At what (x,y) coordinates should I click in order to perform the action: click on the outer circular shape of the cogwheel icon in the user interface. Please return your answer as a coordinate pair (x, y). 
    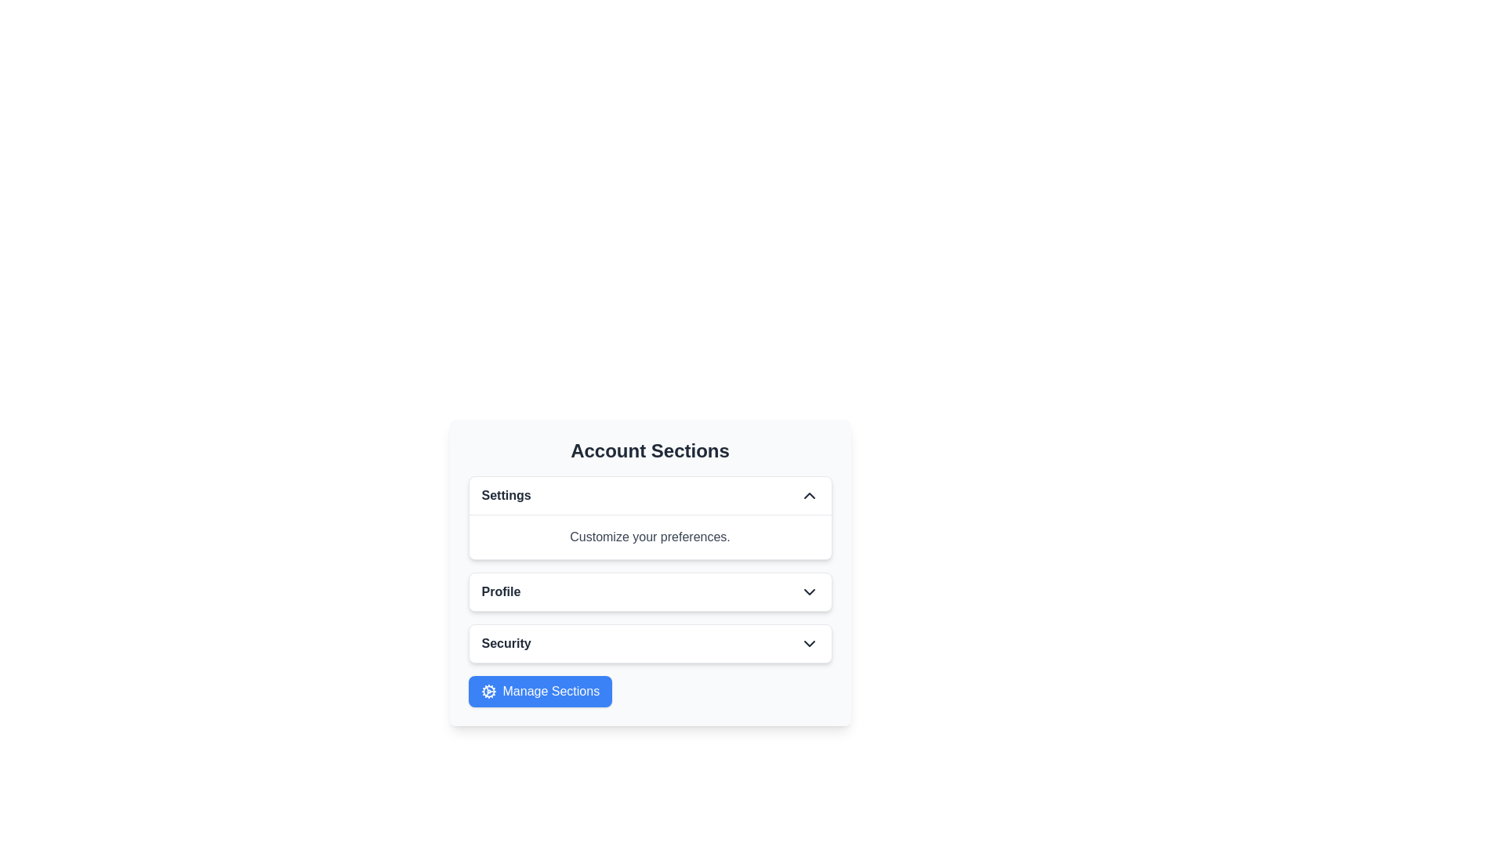
    Looking at the image, I should click on (488, 691).